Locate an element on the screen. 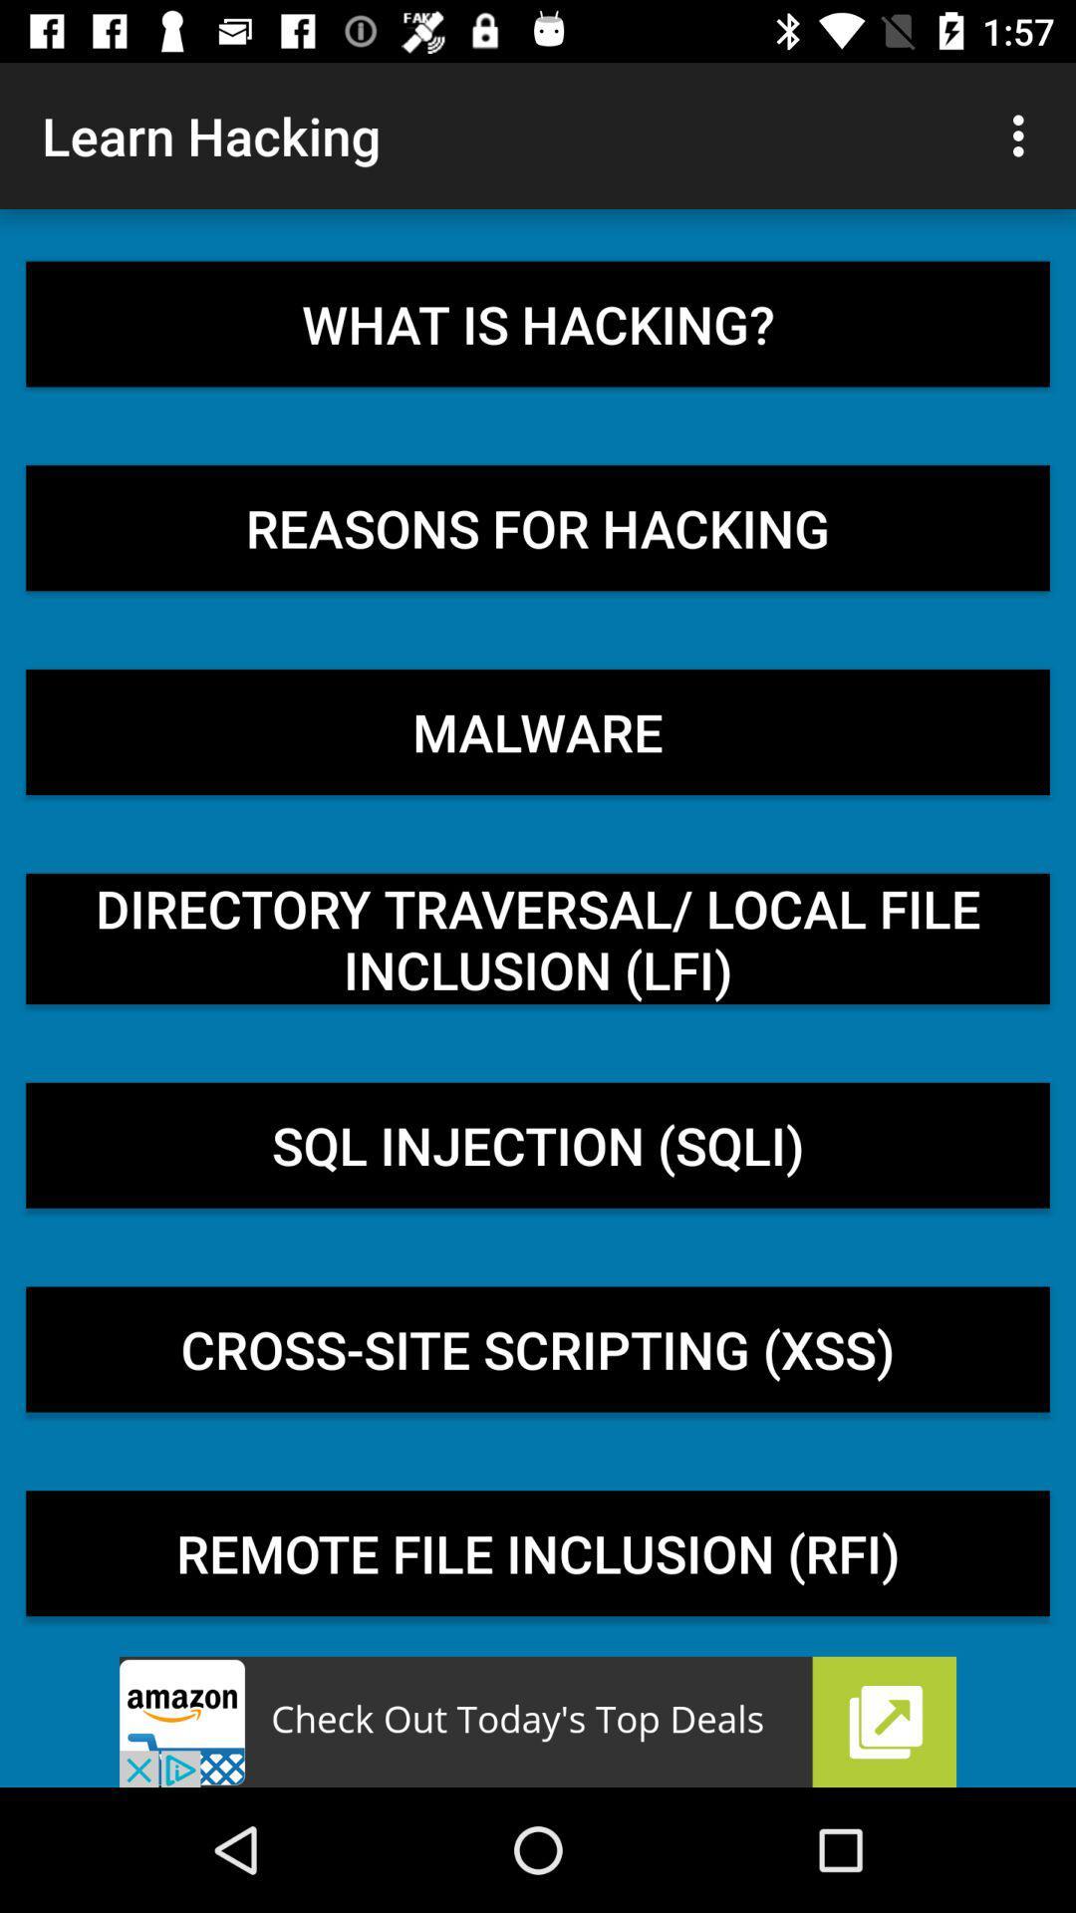  open amazon application is located at coordinates (538, 1721).